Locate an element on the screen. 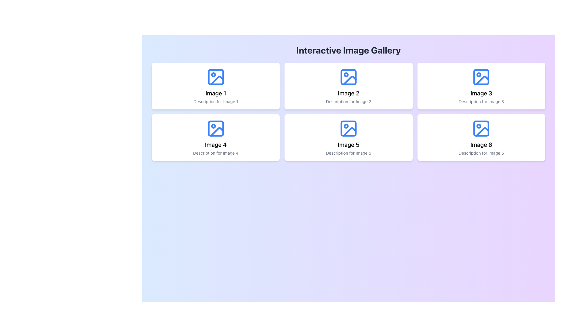 The width and height of the screenshot is (575, 323). the static text label that reads 'Description for Image 2', located below the title 'Image 2' in the second card of the gallery is located at coordinates (348, 101).